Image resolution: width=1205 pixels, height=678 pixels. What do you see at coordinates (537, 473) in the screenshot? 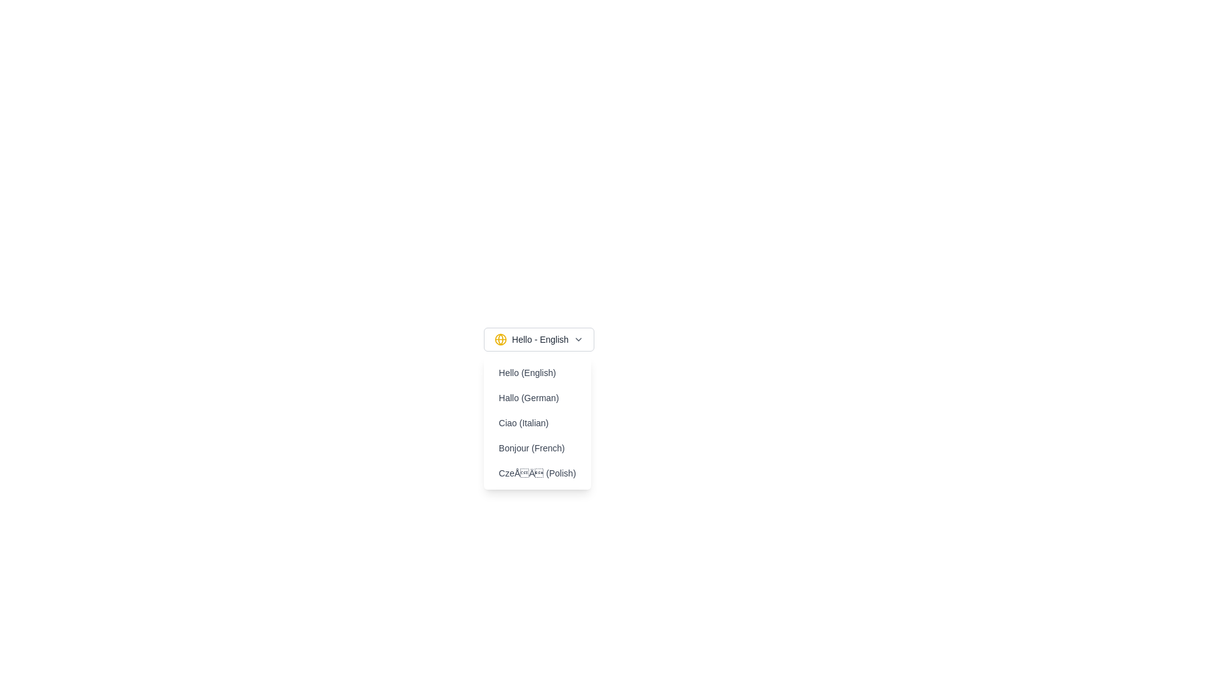
I see `the fifth static text label that displays a localized greeting phrase, located directly below 'Bonjour (French)'` at bounding box center [537, 473].